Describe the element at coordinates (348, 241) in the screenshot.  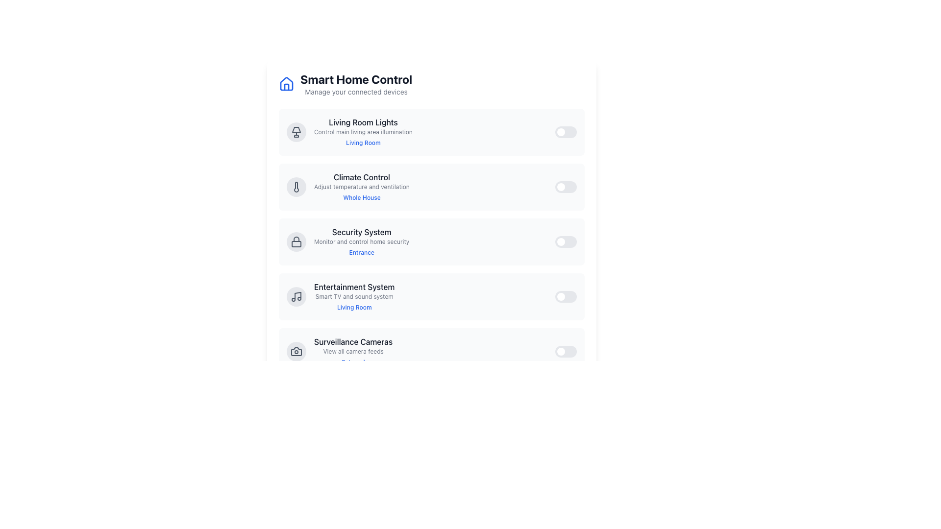
I see `the 'Entrance' text within the 'Security System' section` at that location.